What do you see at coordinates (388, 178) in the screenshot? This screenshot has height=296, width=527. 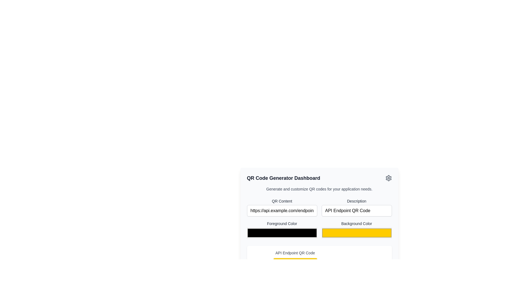 I see `the cogwheel icon in the top-right corner of the 'QR Code Generator Dashboard' title bar` at bounding box center [388, 178].